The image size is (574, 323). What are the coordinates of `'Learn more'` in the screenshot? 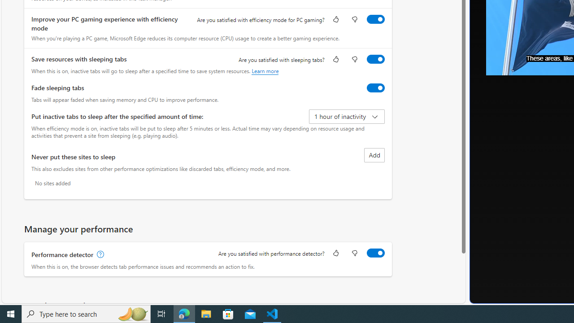 It's located at (265, 70).